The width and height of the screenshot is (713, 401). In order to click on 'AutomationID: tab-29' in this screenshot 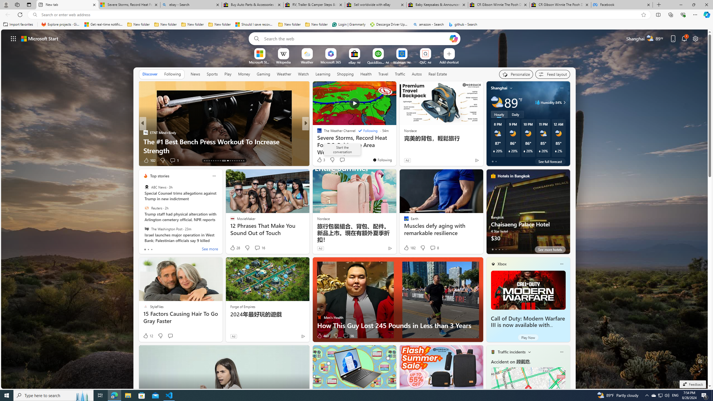, I will do `click(243, 161)`.